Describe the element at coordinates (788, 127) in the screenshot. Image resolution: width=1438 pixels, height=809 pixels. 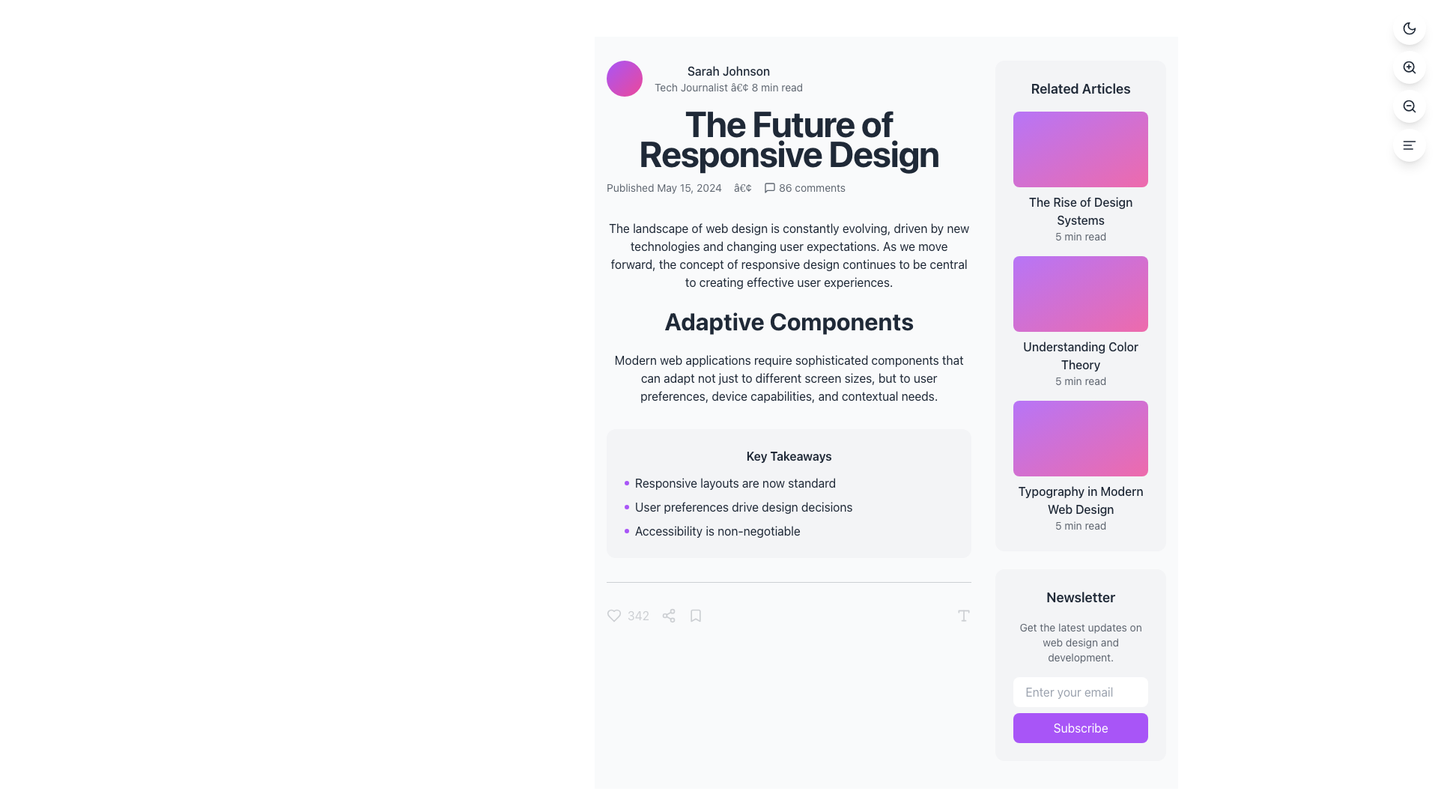
I see `displayed information from the Header section titled 'The Future of Responsive Design', which includes the title, author details, and publication date` at that location.